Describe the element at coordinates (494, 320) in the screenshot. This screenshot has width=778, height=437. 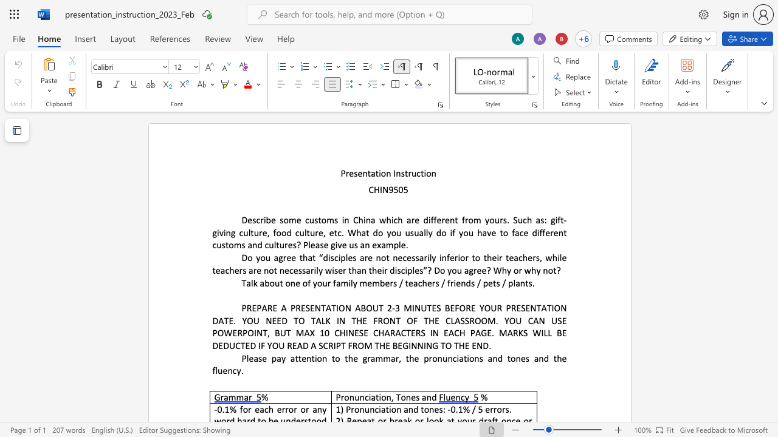
I see `the space between the continuous character "M" and "." in the text` at that location.